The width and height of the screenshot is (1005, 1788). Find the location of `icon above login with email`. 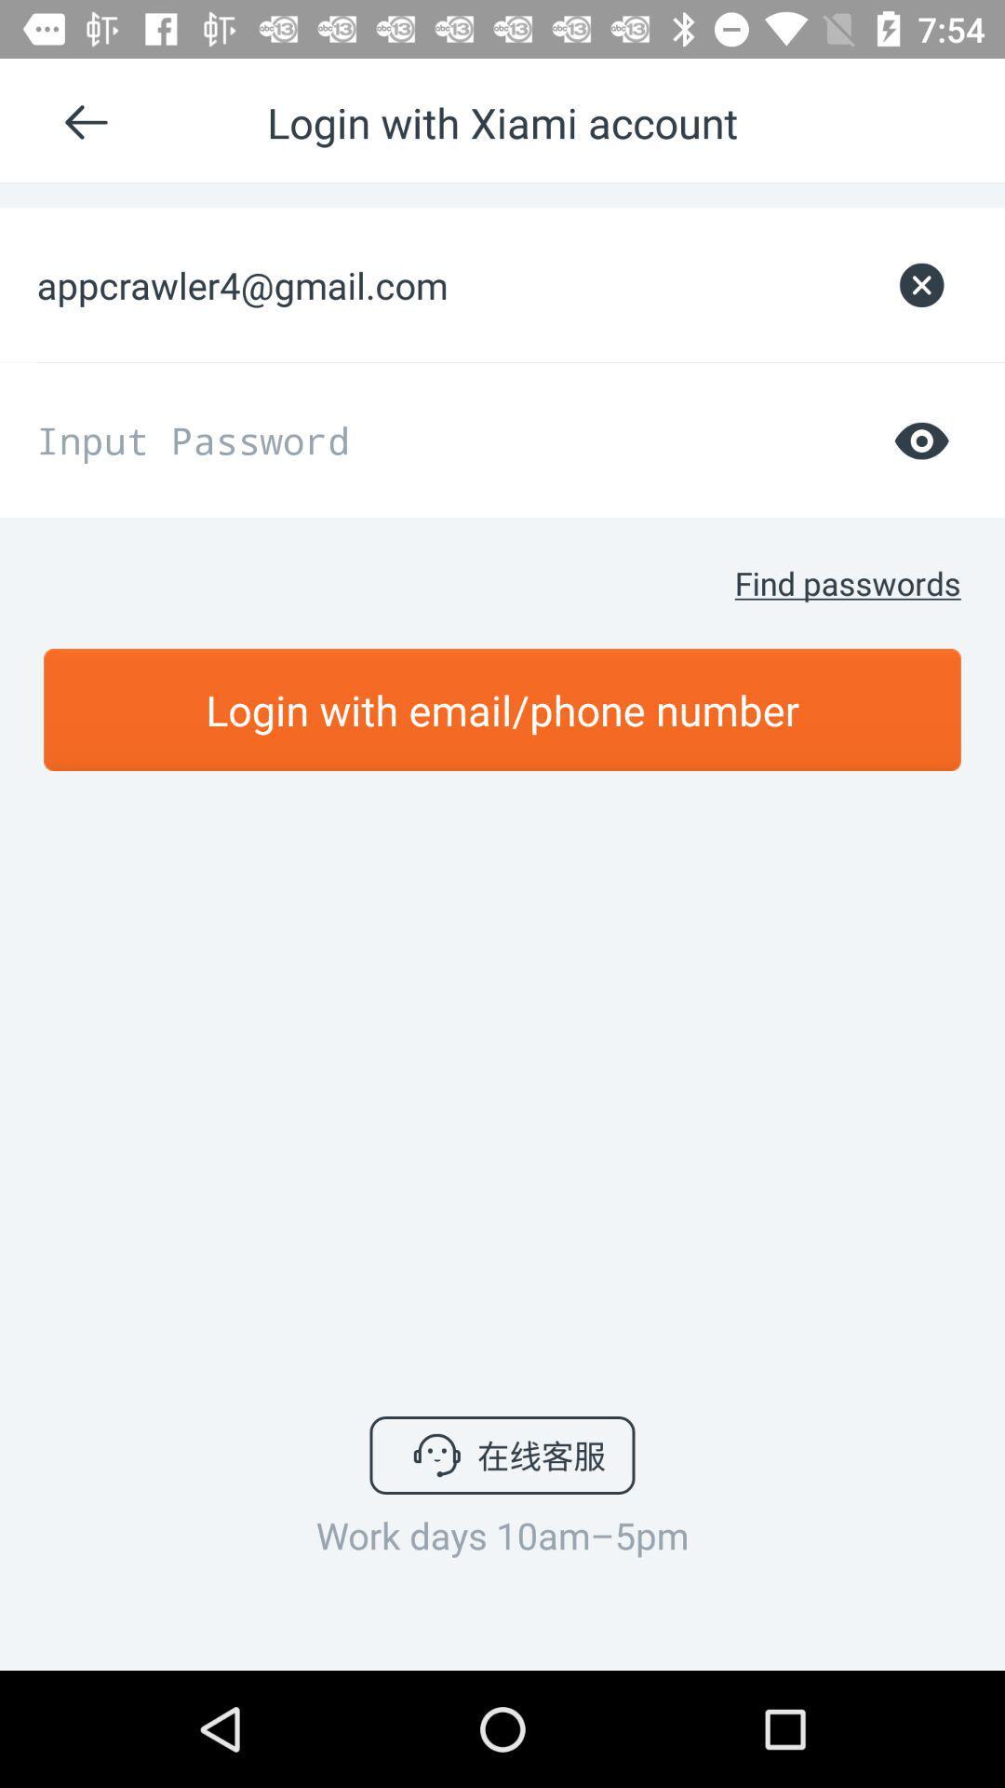

icon above login with email is located at coordinates (848, 582).